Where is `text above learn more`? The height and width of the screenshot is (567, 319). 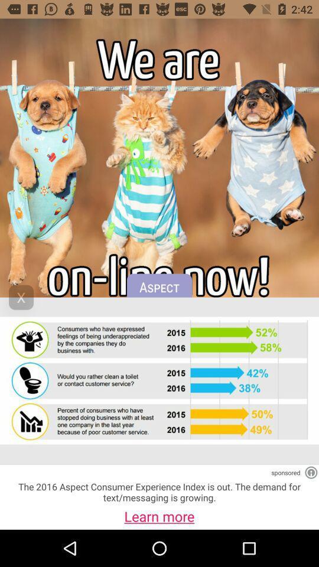
text above learn more is located at coordinates (159, 491).